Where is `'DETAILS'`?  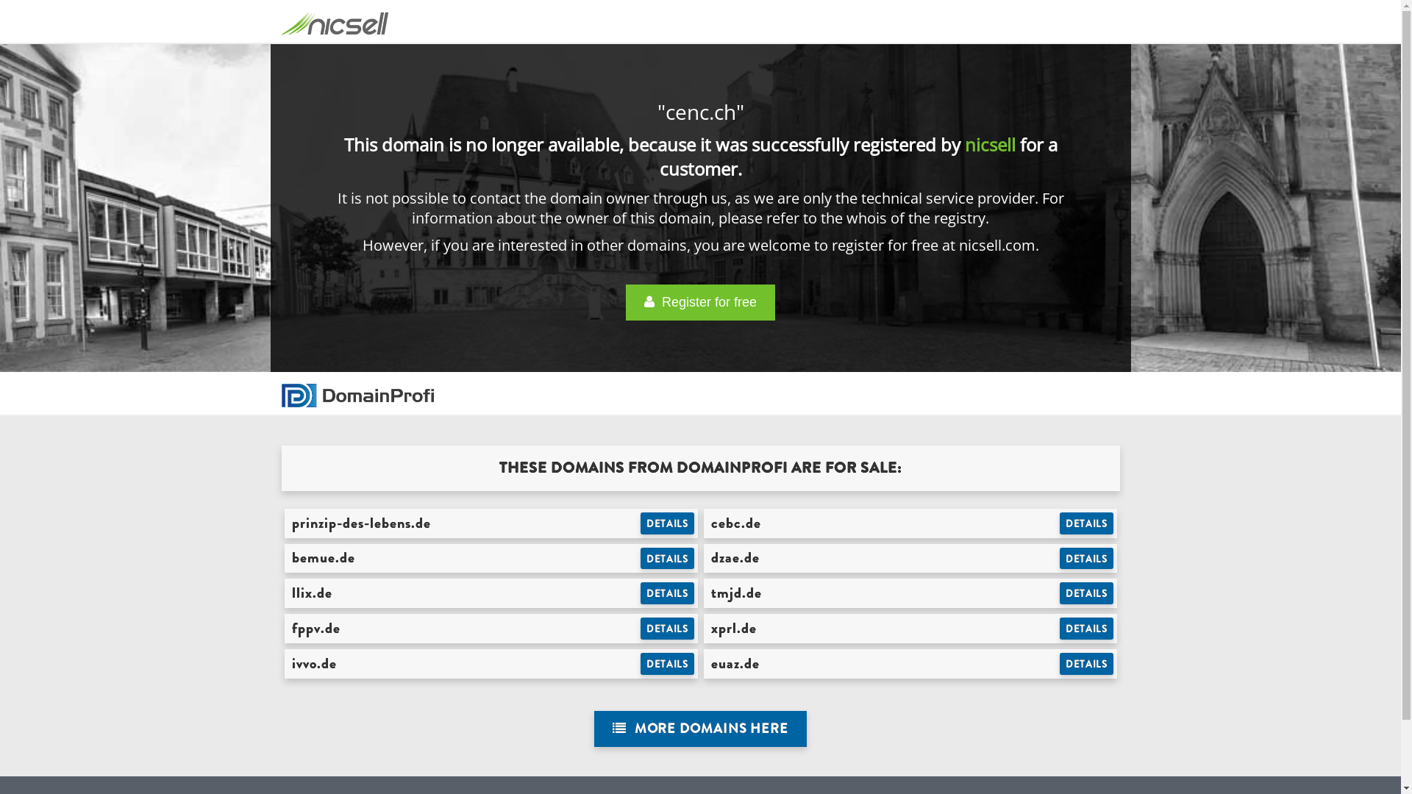 'DETAILS' is located at coordinates (666, 558).